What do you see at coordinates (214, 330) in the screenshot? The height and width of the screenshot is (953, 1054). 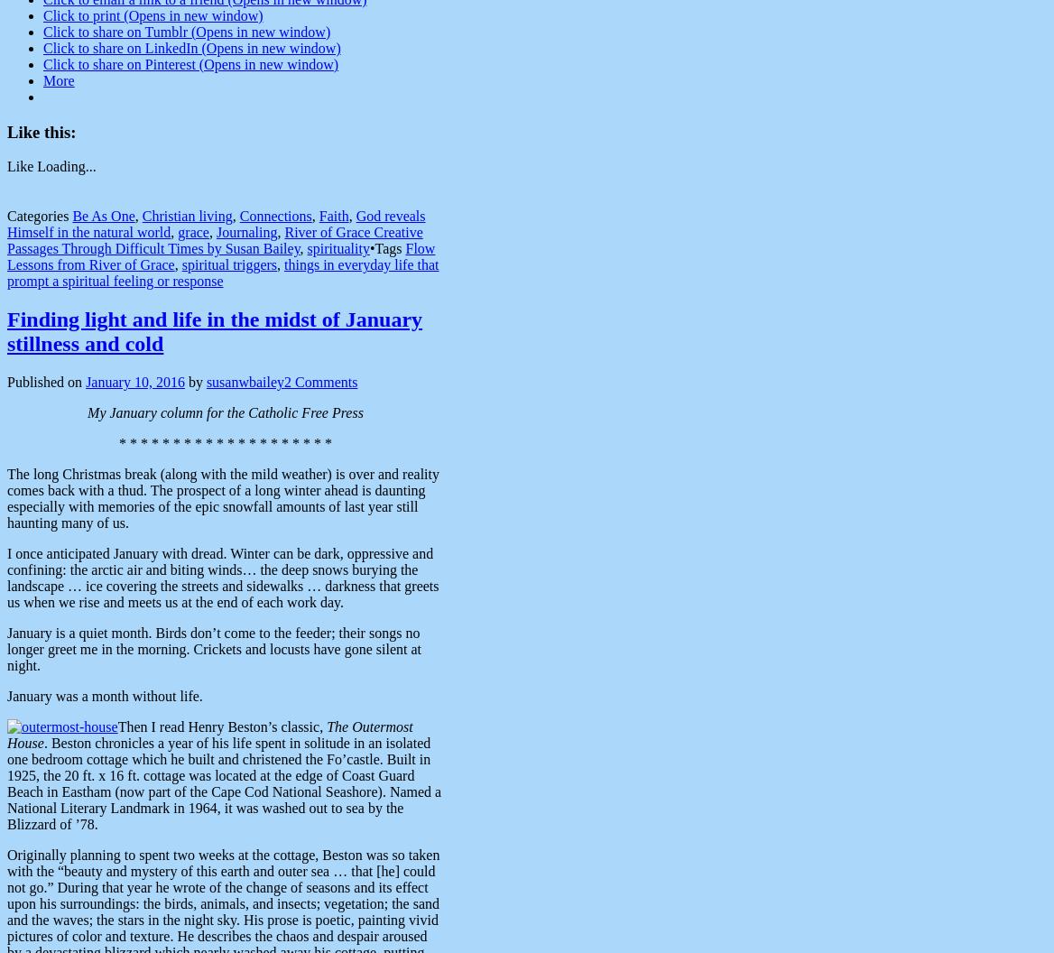 I see `'Finding light and life in the midst of January stillness and cold'` at bounding box center [214, 330].